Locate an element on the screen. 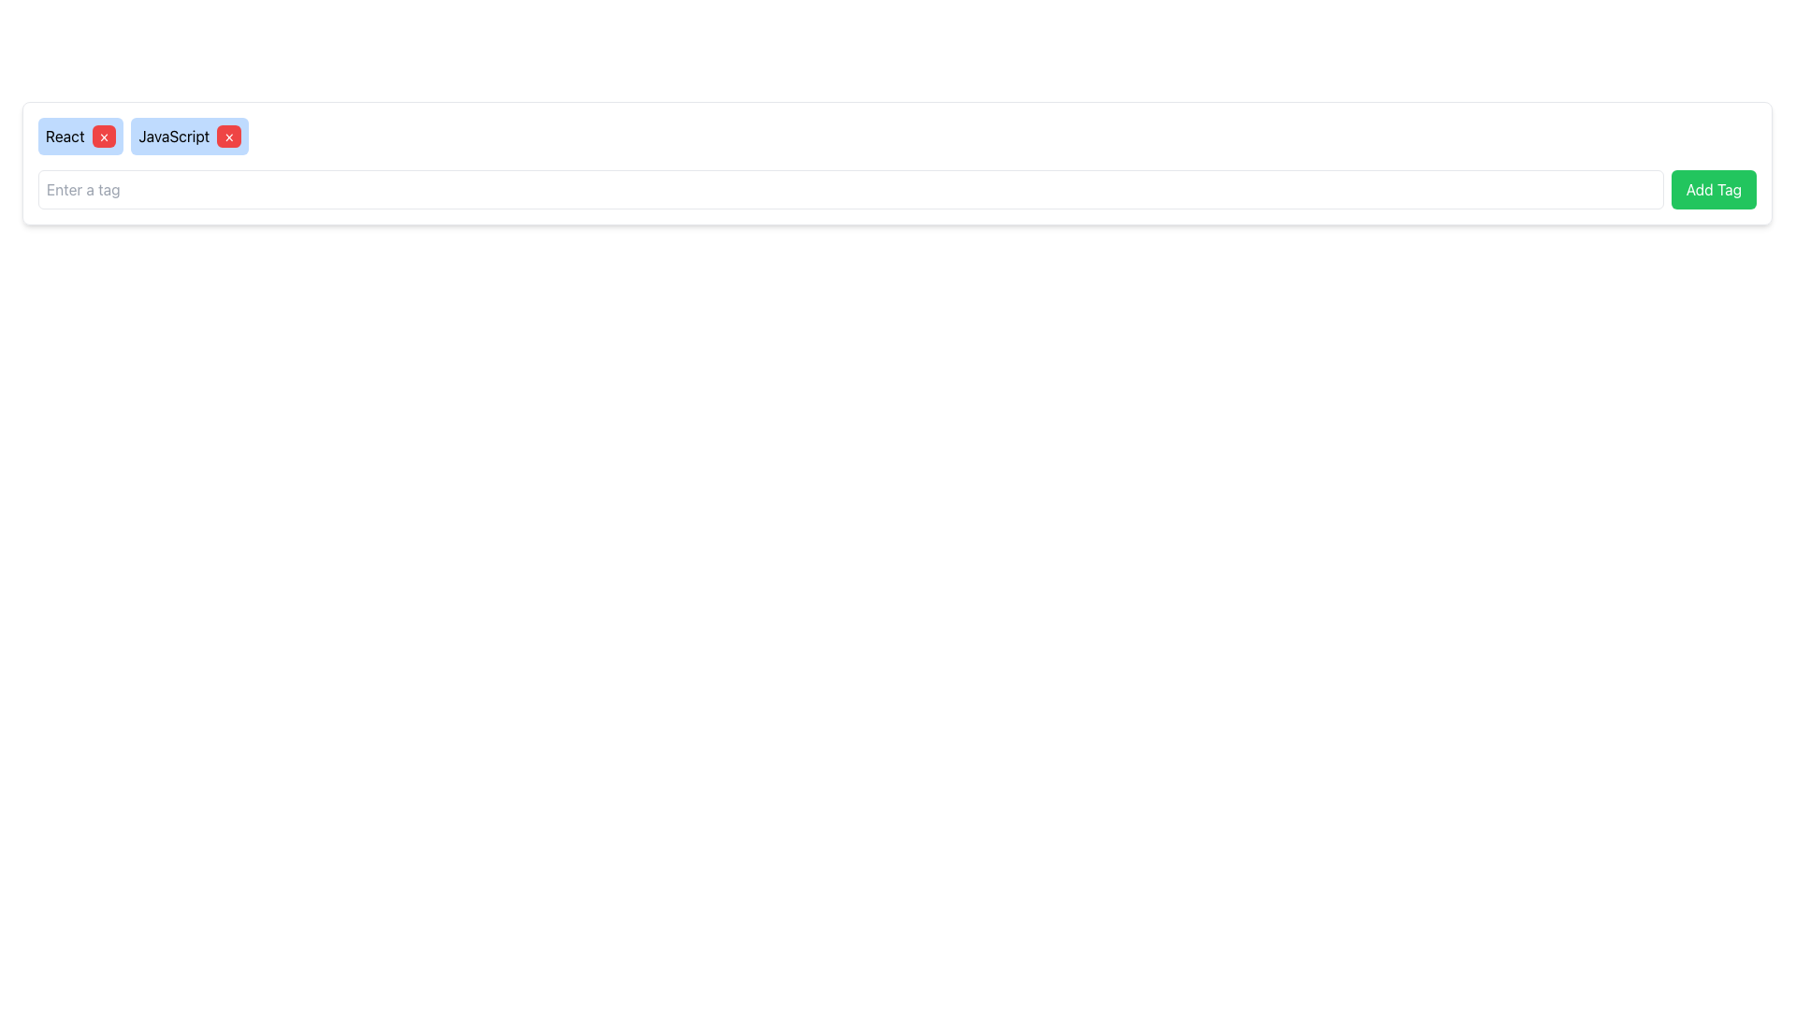  the delete icon ('×') of the 'React' tag is located at coordinates (80, 136).